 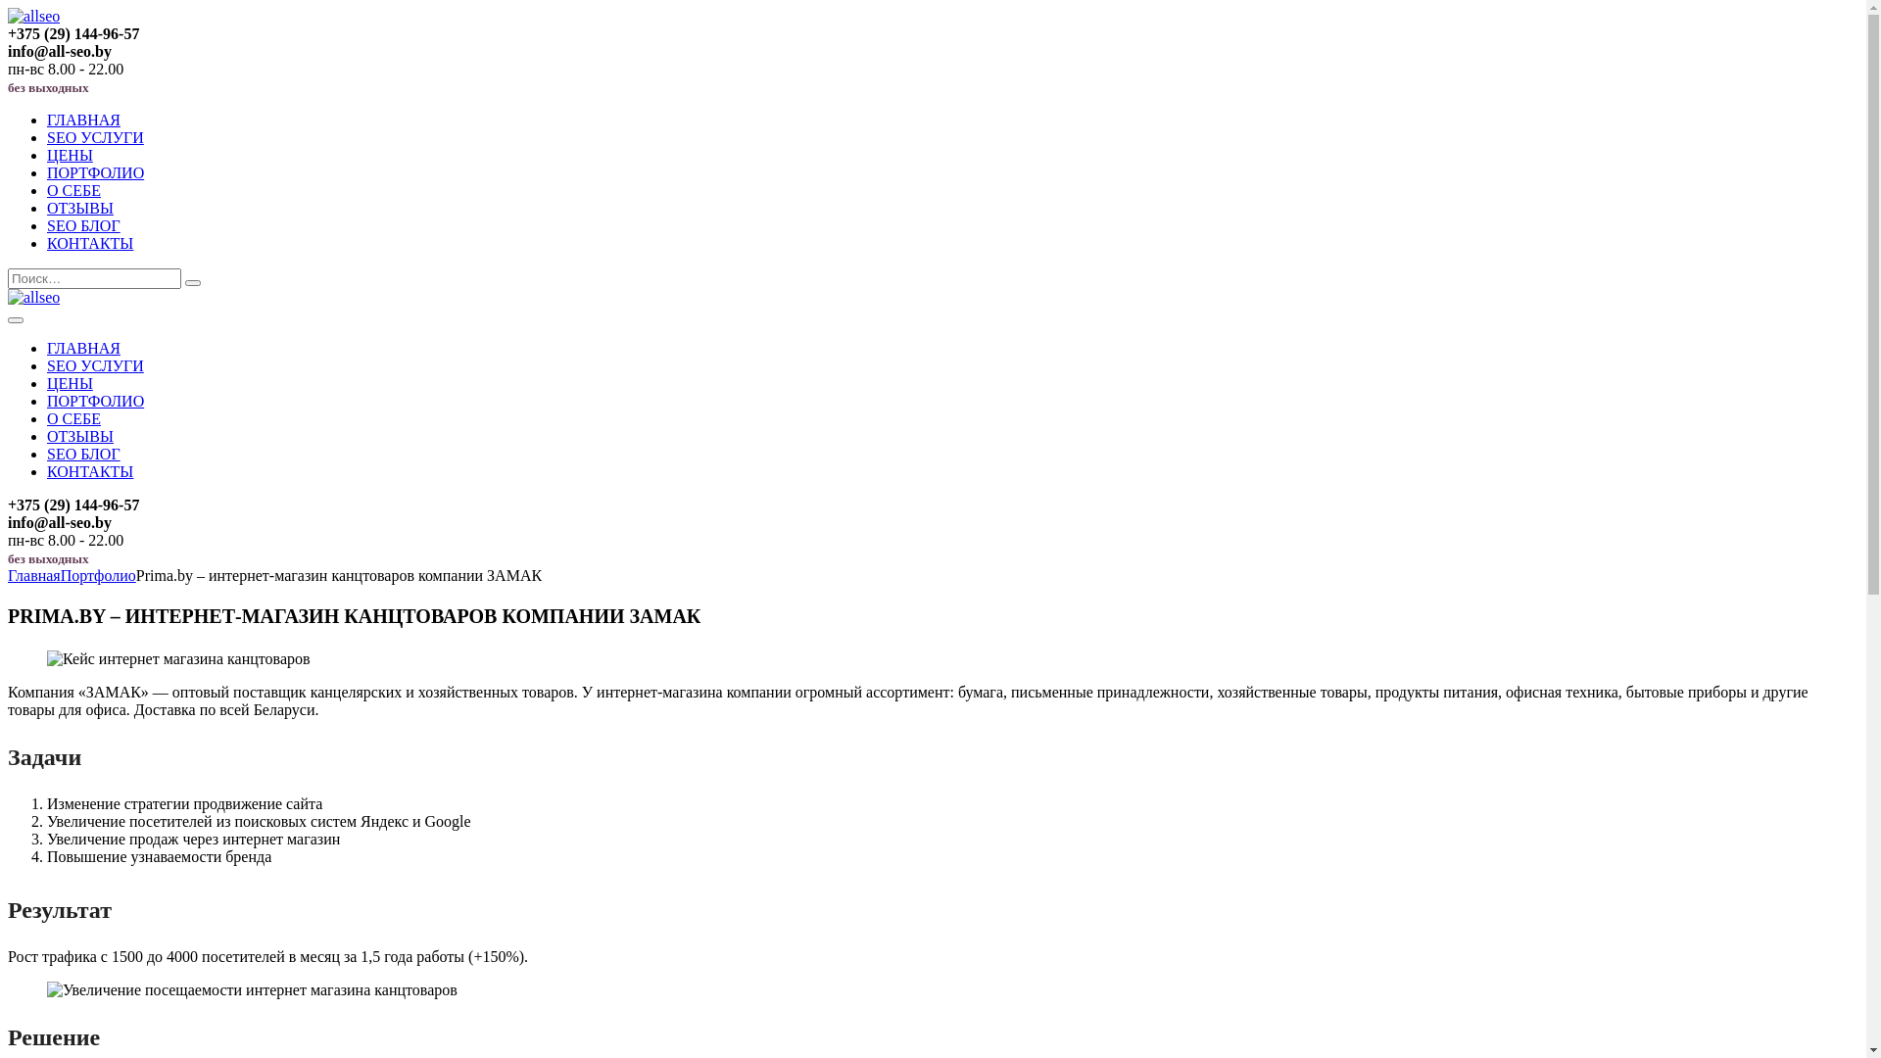 What do you see at coordinates (47, 658) in the screenshot?
I see `'skrin-prima'` at bounding box center [47, 658].